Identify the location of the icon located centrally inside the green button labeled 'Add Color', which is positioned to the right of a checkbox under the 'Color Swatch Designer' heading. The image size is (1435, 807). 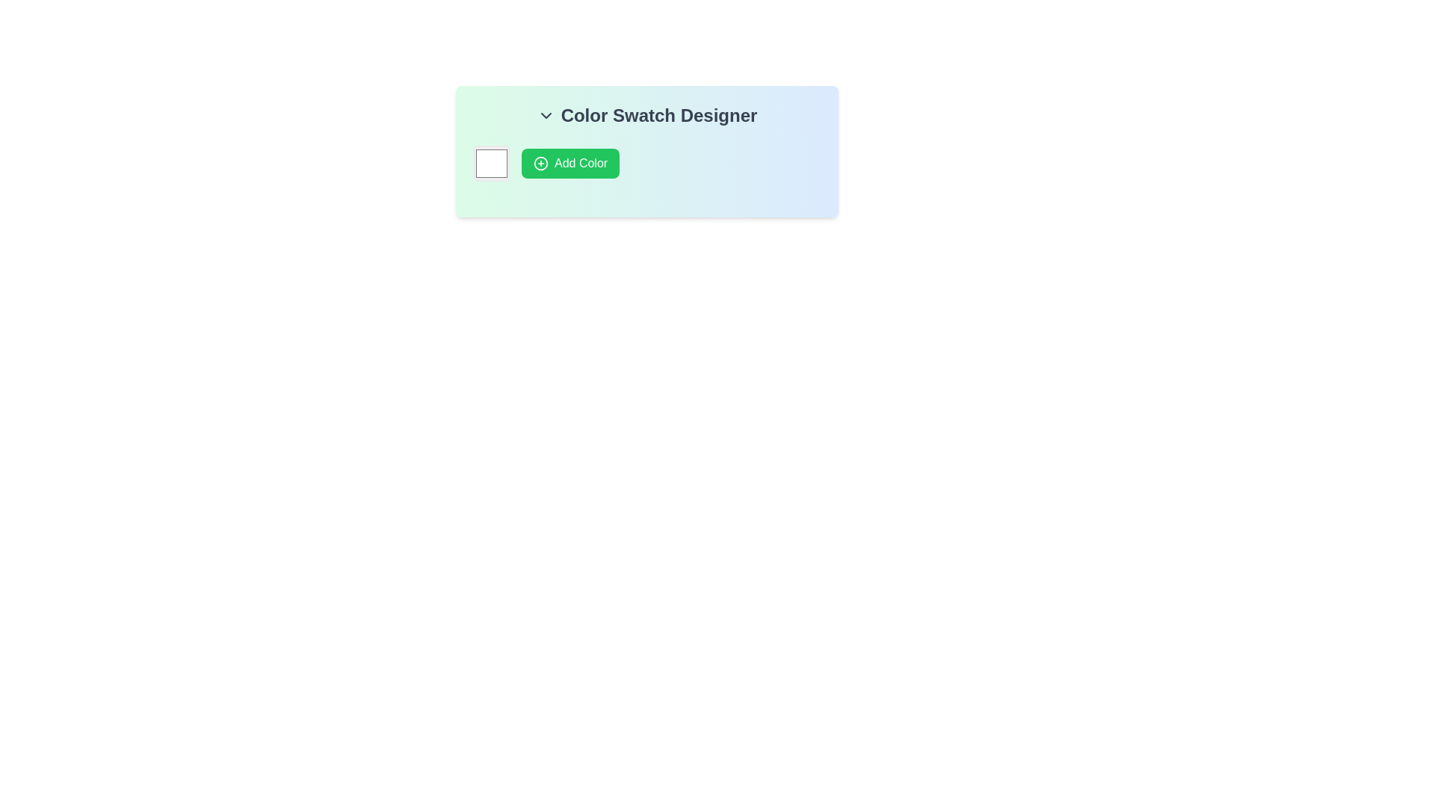
(540, 164).